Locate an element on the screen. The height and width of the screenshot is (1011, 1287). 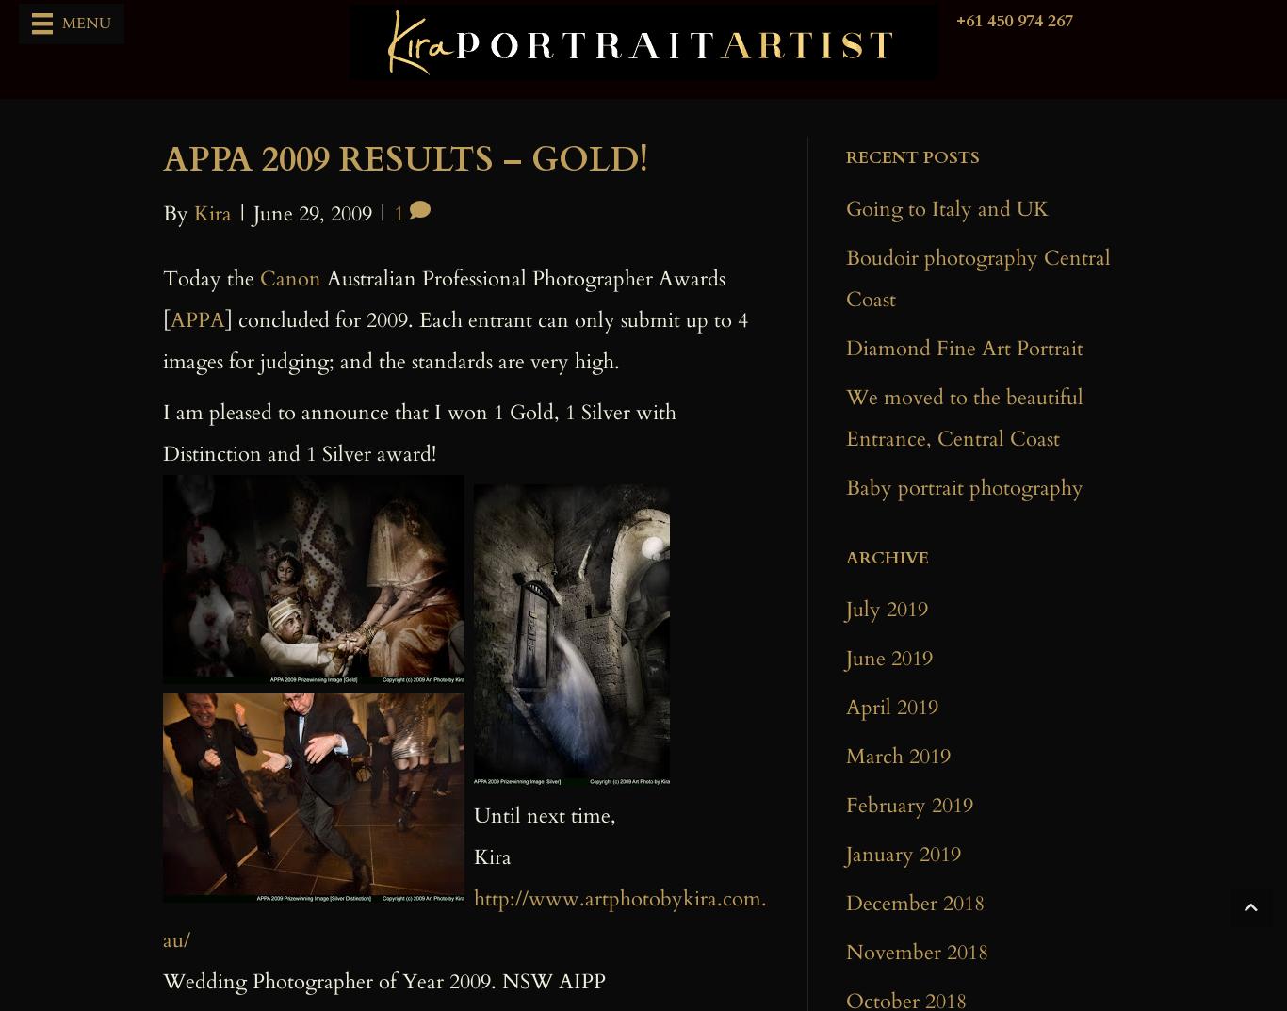
'Going to Italy and UK' is located at coordinates (845, 209).